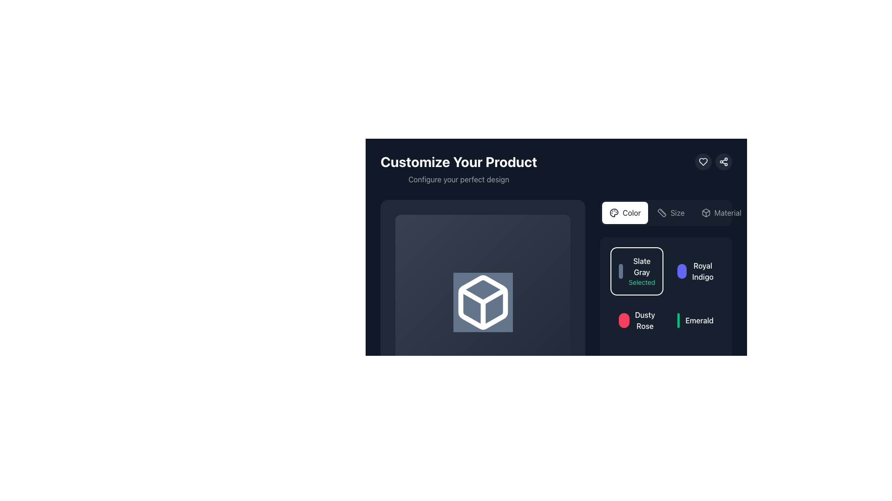 Image resolution: width=892 pixels, height=501 pixels. What do you see at coordinates (678, 320) in the screenshot?
I see `the circular emerald green Color selection button located to the left of the 'Emerald' label` at bounding box center [678, 320].